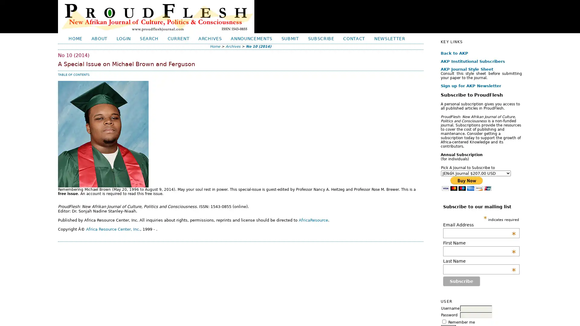  What do you see at coordinates (466, 183) in the screenshot?
I see `PayPal - The safer, easier way to pay online!` at bounding box center [466, 183].